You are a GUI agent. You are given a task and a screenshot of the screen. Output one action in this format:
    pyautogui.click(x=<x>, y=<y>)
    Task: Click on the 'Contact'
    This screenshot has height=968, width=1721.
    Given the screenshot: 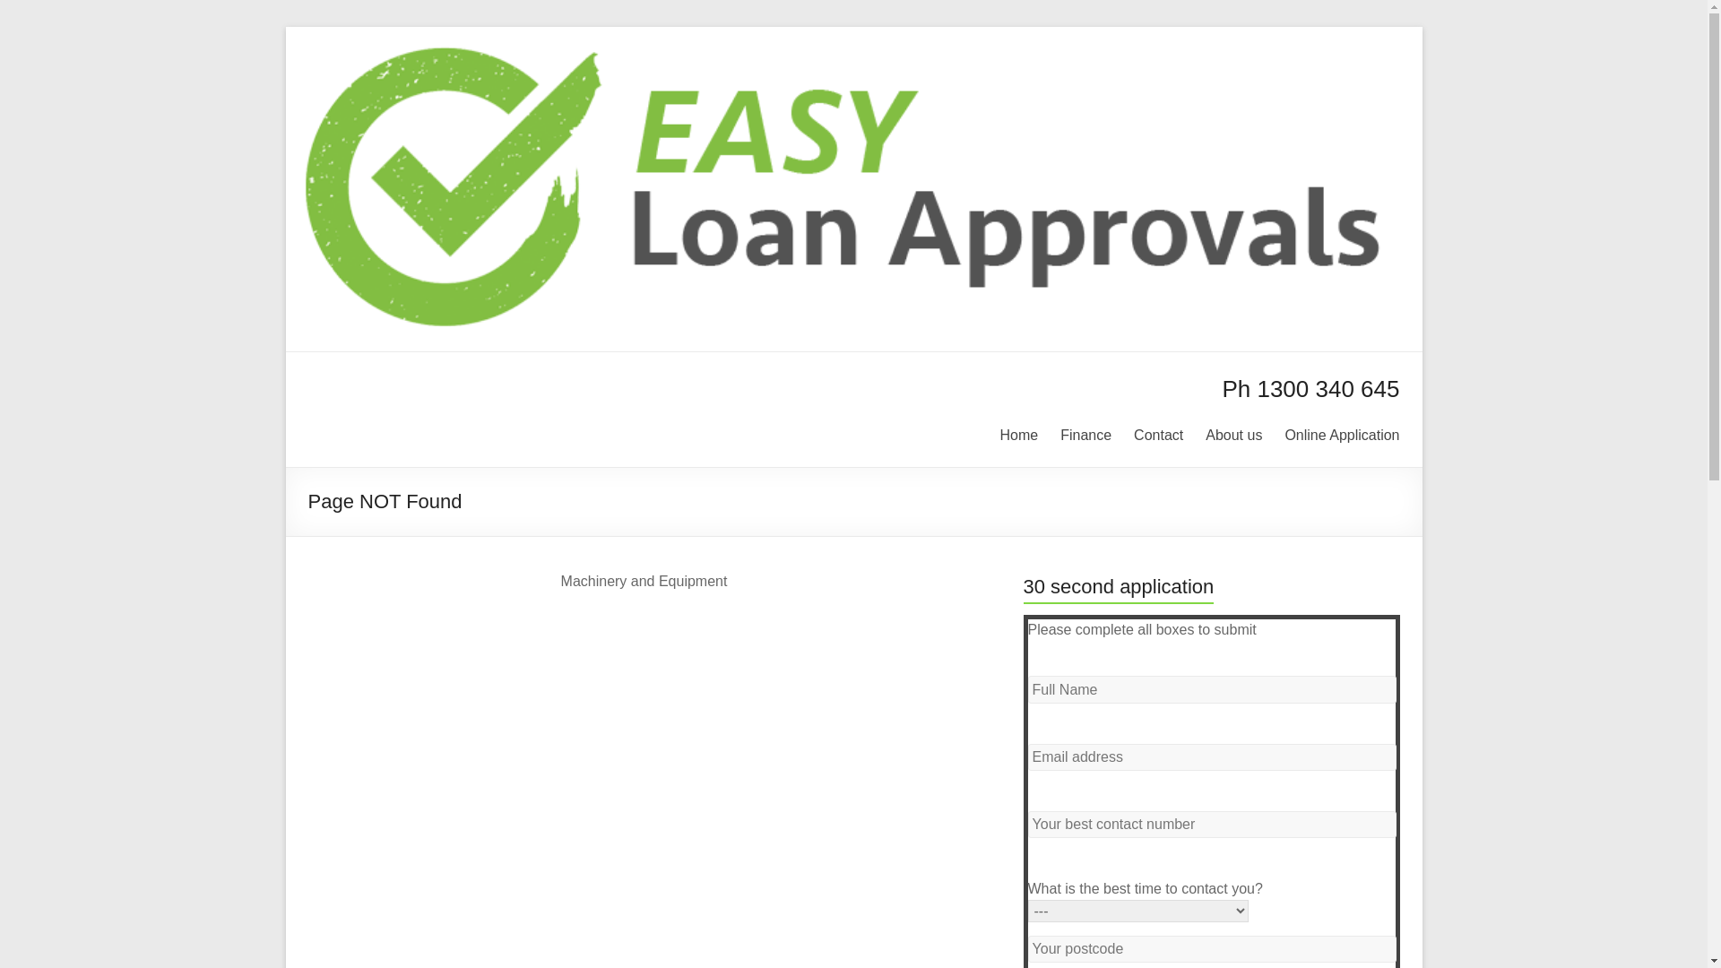 What is the action you would take?
    pyautogui.click(x=1158, y=432)
    